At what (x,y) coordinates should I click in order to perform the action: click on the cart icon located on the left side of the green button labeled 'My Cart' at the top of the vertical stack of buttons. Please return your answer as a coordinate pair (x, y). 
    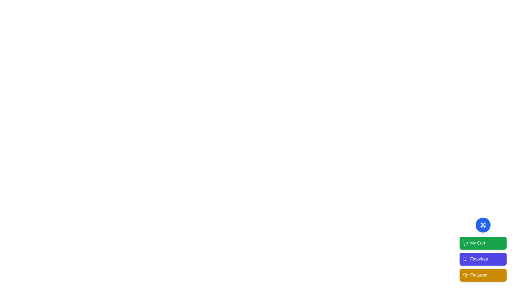
    Looking at the image, I should click on (465, 243).